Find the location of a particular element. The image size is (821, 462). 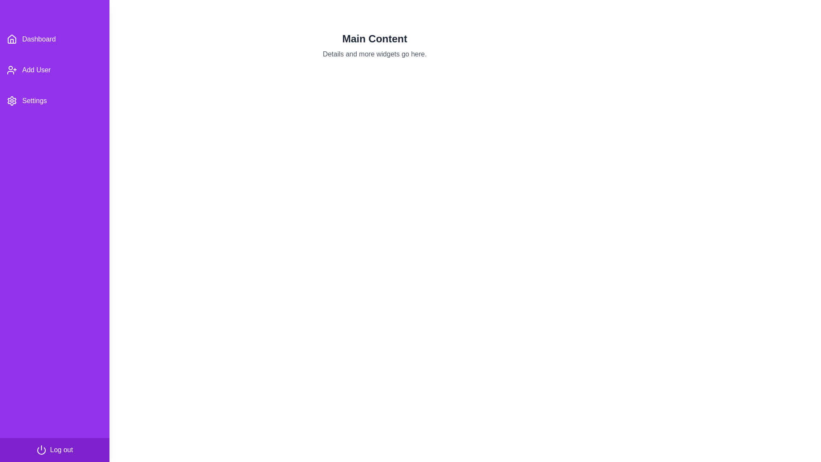

the 'Settings' menu item in the drawer is located at coordinates (54, 100).